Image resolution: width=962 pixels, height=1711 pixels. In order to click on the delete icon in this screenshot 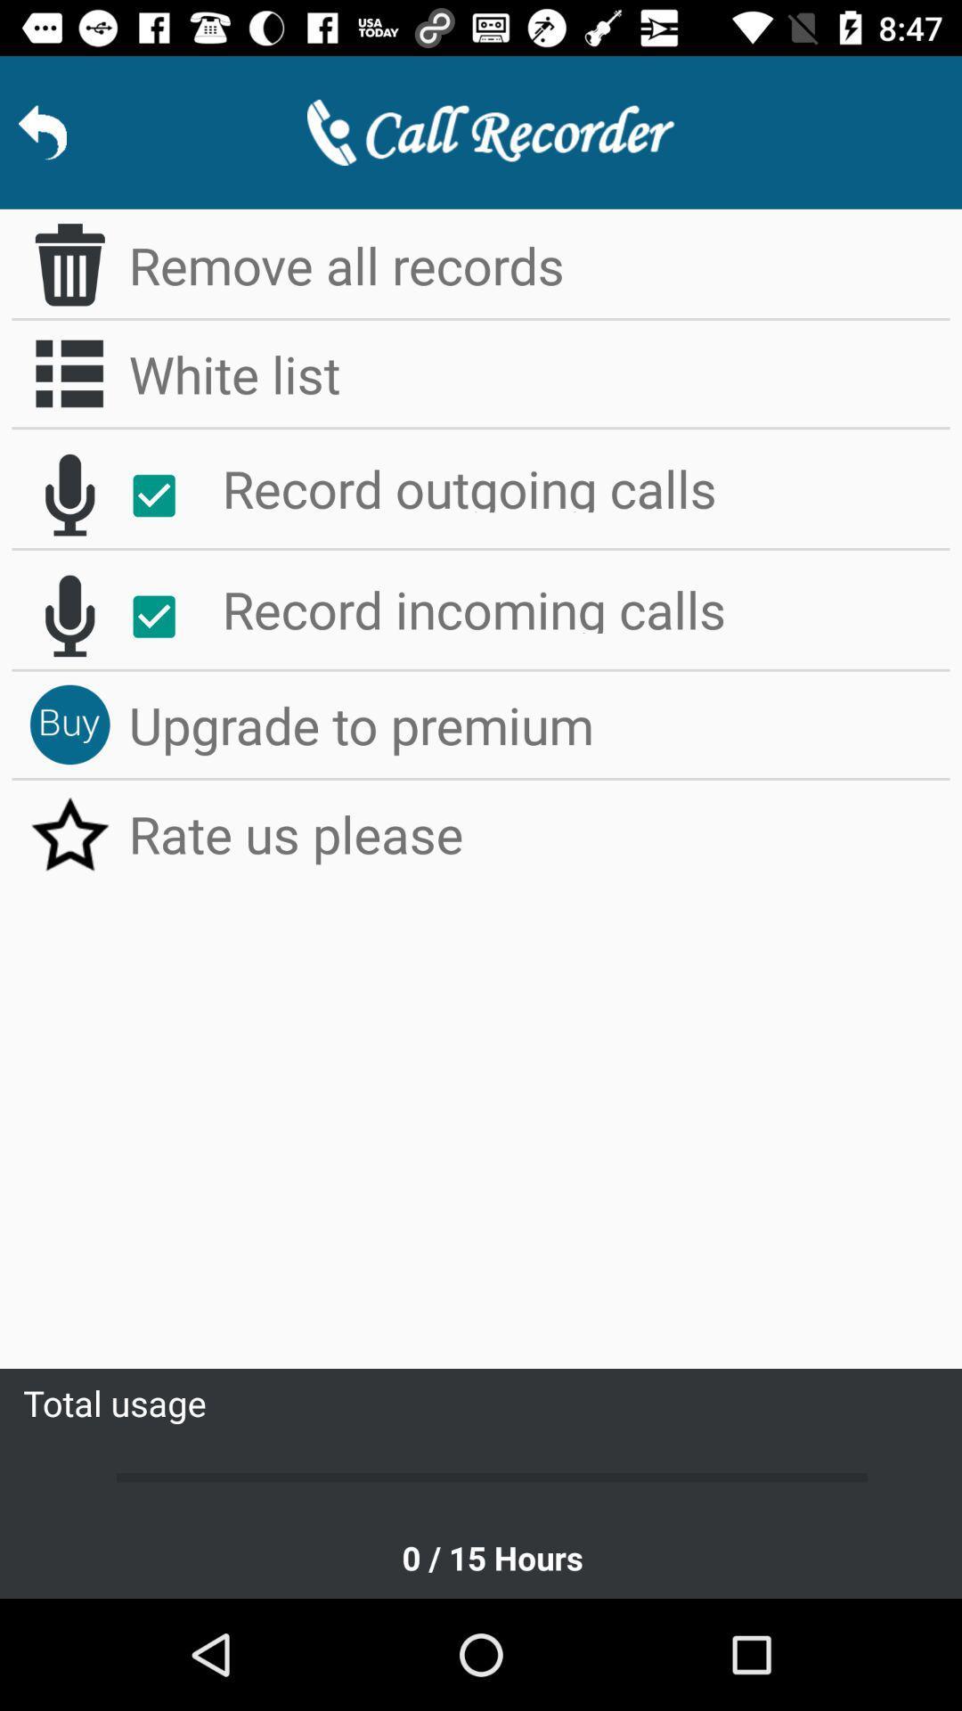, I will do `click(69, 264)`.